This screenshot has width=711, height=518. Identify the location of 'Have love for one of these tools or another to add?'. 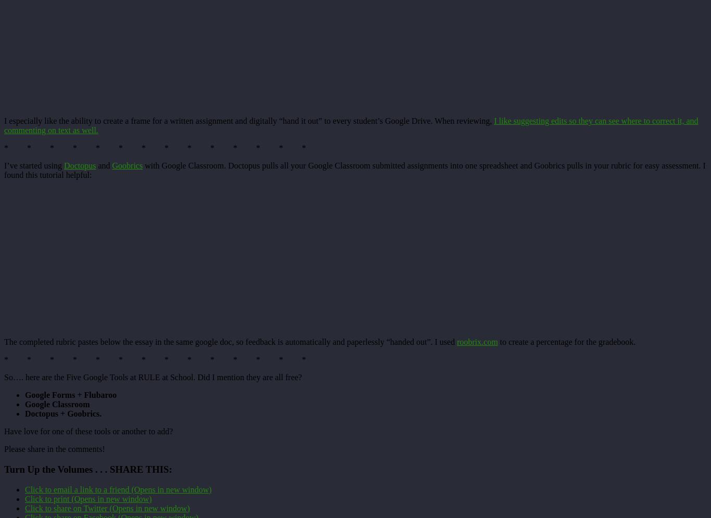
(88, 431).